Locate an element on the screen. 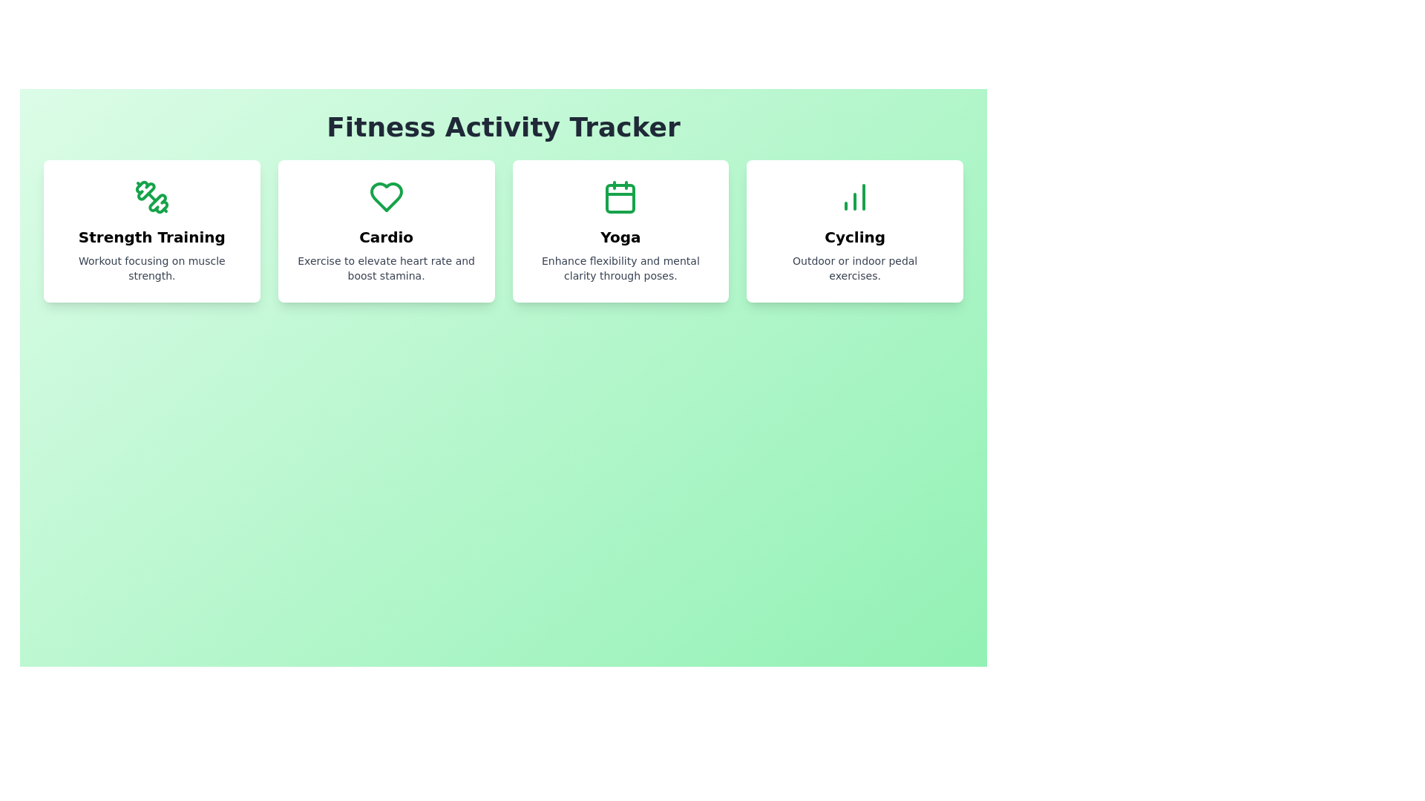 The image size is (1425, 801). descriptive text block that provides additional details about the 'Cardio' activity, which is located centrally beneath the title text within the 'Cardio' card is located at coordinates (386, 268).